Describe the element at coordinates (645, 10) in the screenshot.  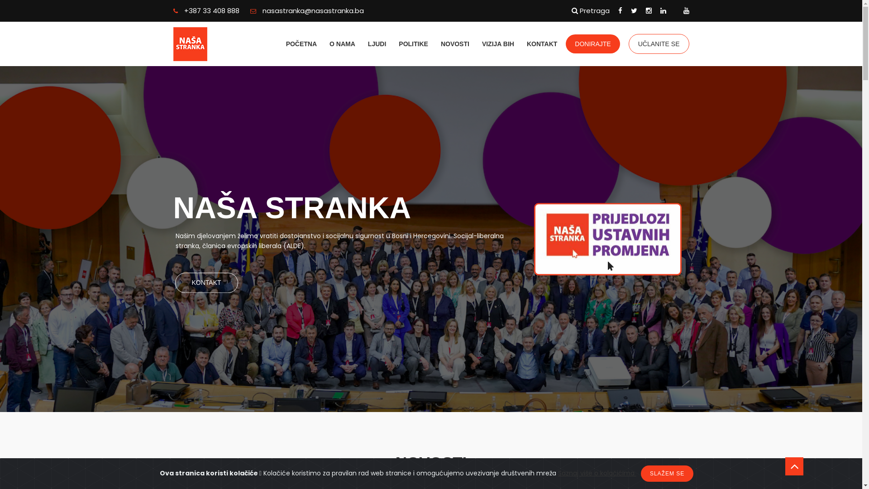
I see `'Instagram'` at that location.